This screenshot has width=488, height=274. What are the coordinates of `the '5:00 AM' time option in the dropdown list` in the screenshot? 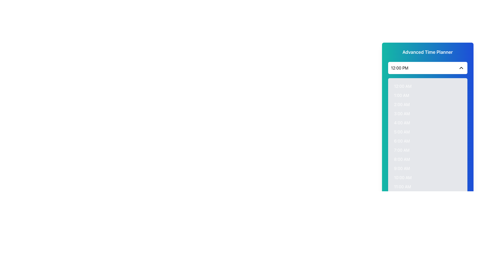 It's located at (427, 132).